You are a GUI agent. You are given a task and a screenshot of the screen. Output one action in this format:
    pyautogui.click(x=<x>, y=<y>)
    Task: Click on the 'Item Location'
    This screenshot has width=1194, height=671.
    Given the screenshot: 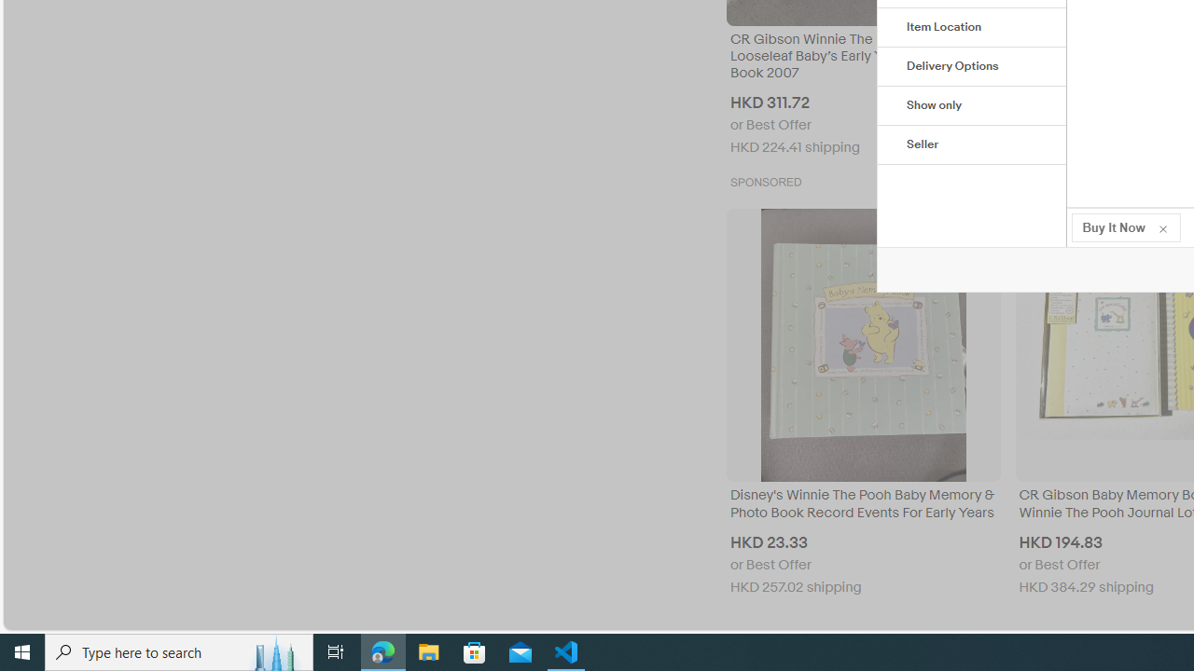 What is the action you would take?
    pyautogui.click(x=971, y=27)
    